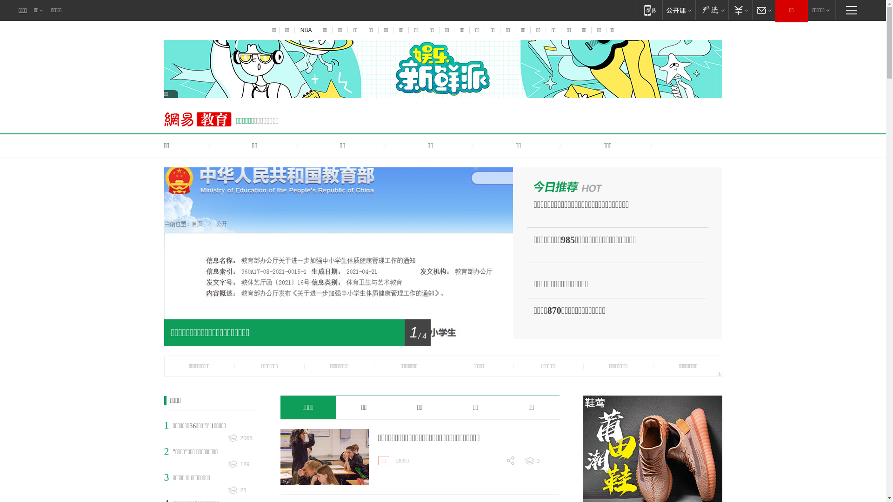  Describe the element at coordinates (242, 438) in the screenshot. I see `'2065'` at that location.